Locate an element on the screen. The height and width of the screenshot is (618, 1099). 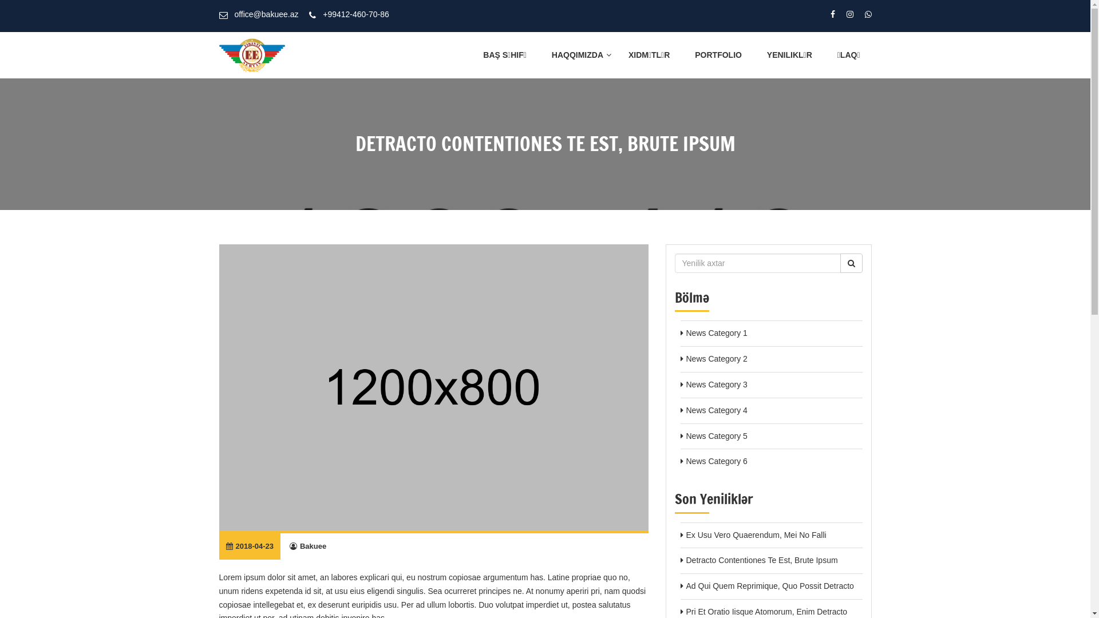
'News Category 4' is located at coordinates (686, 410).